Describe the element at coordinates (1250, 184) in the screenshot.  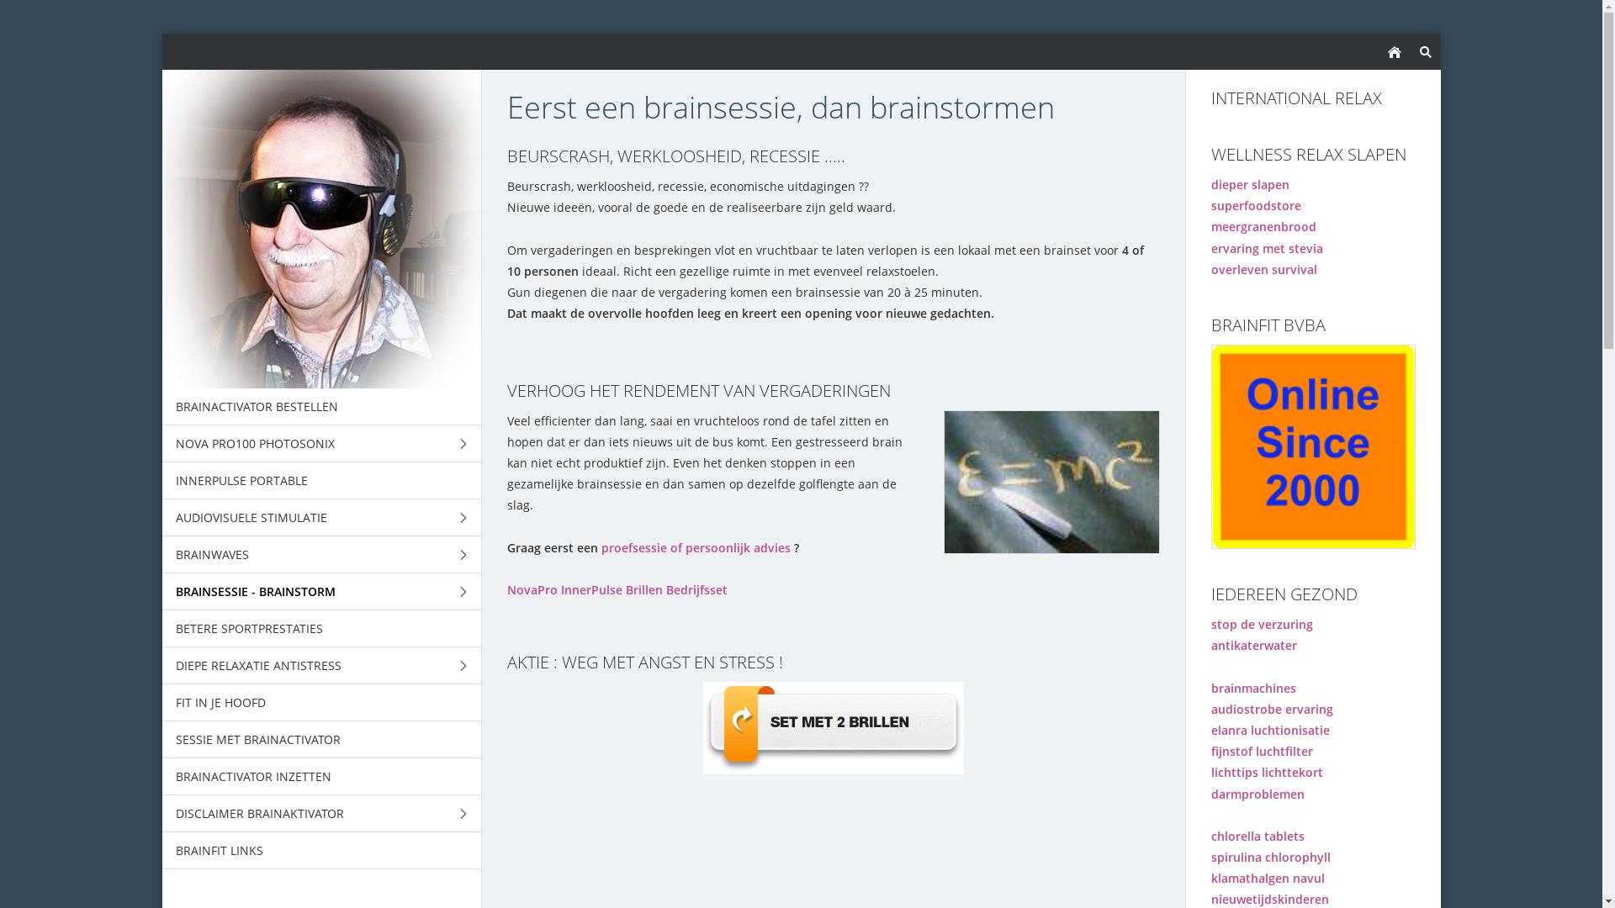
I see `'dieper slapen'` at that location.